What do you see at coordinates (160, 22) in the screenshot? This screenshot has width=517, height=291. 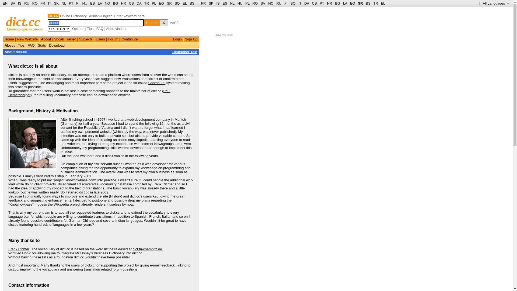 I see `'X'` at bounding box center [160, 22].